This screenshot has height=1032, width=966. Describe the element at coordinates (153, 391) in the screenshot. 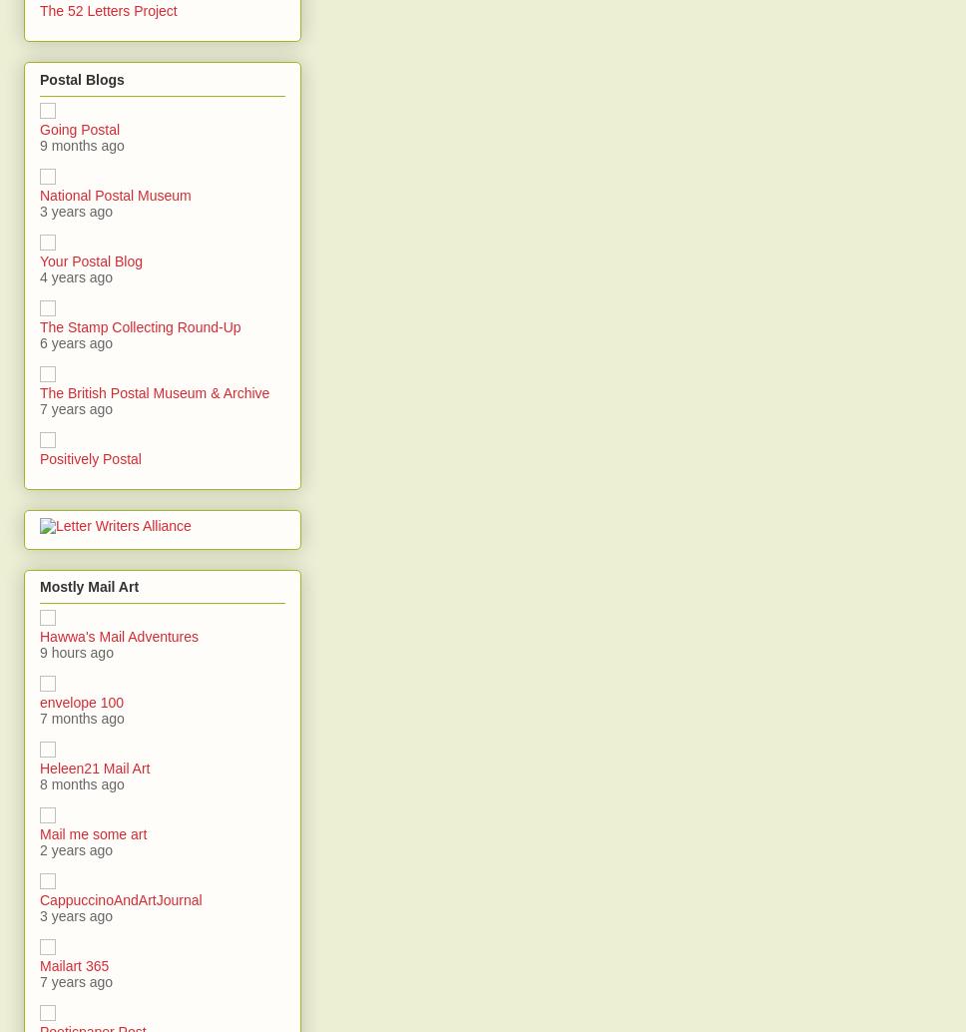

I see `'The British Postal Museum & Archive'` at that location.